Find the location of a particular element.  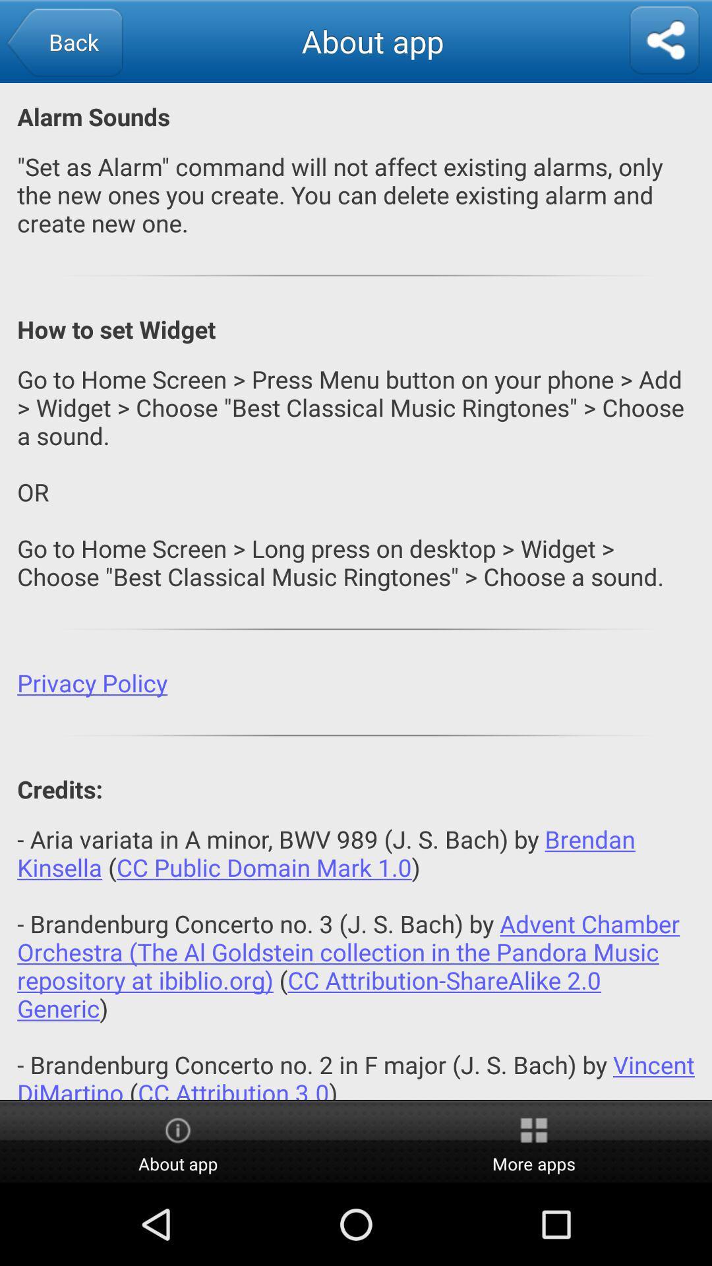

the share button on the top right corner of the web page is located at coordinates (664, 41).